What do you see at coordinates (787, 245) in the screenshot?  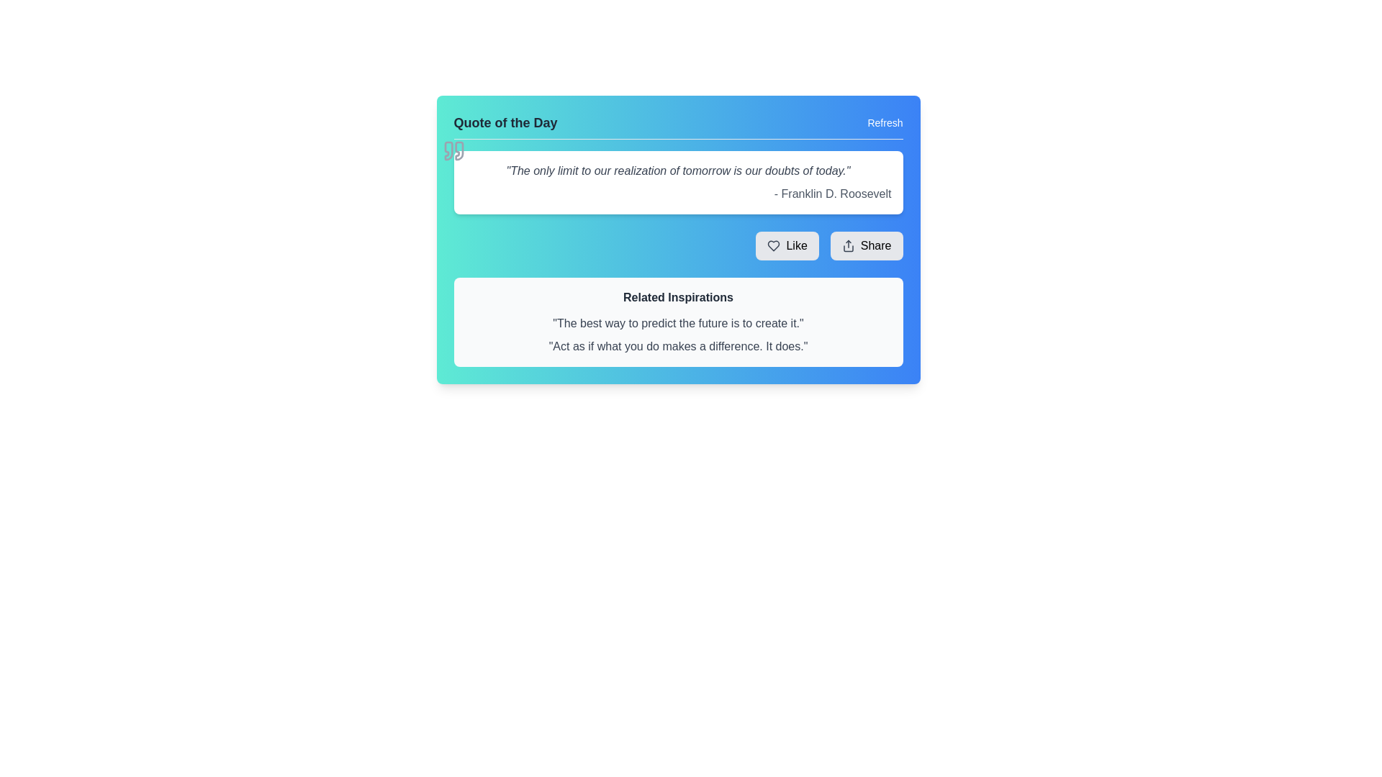 I see `the 'Like' button located at the bottom right of the card, which is the first button in the row and to the left of the 'Share' button, to express approval for the displayed content` at bounding box center [787, 245].